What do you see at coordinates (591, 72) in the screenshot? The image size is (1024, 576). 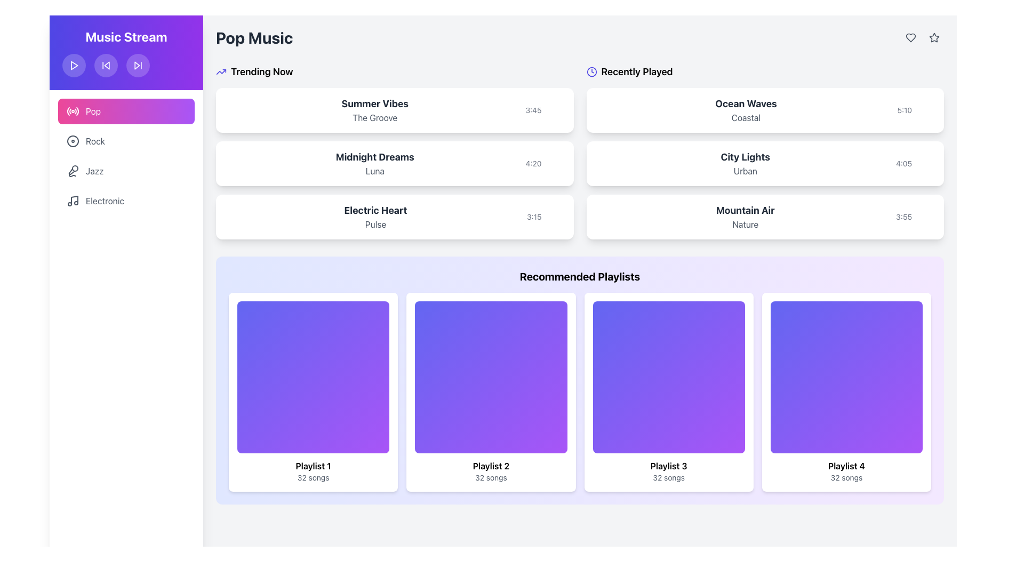 I see `properties of the Circular SVG element that is part of the clock icon, located at the top-right section near the 'Recently Played' header` at bounding box center [591, 72].